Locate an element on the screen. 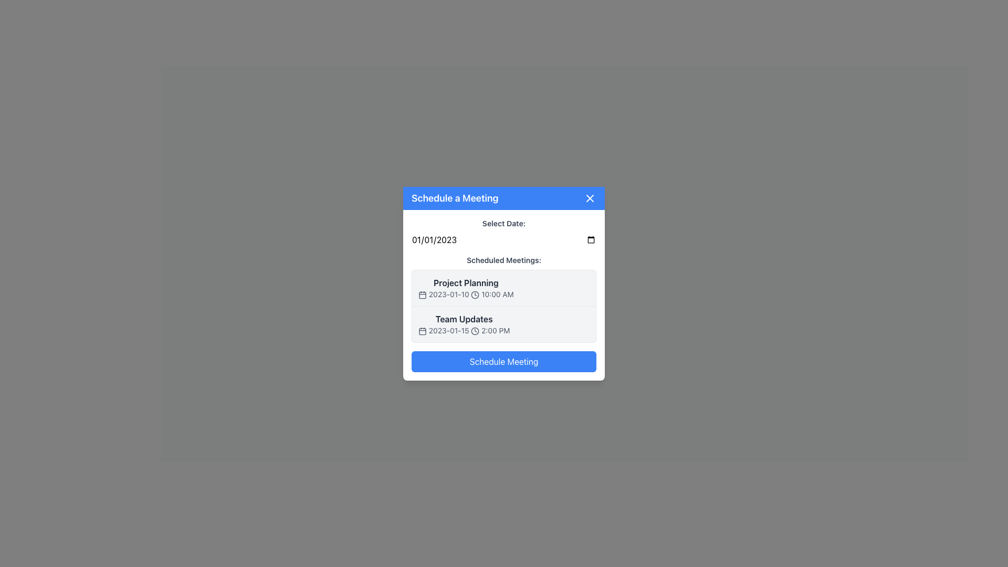  the 'Project Planning' text label, which is styled with medium bold dark gray font and is centered above the meeting details is located at coordinates (465, 282).